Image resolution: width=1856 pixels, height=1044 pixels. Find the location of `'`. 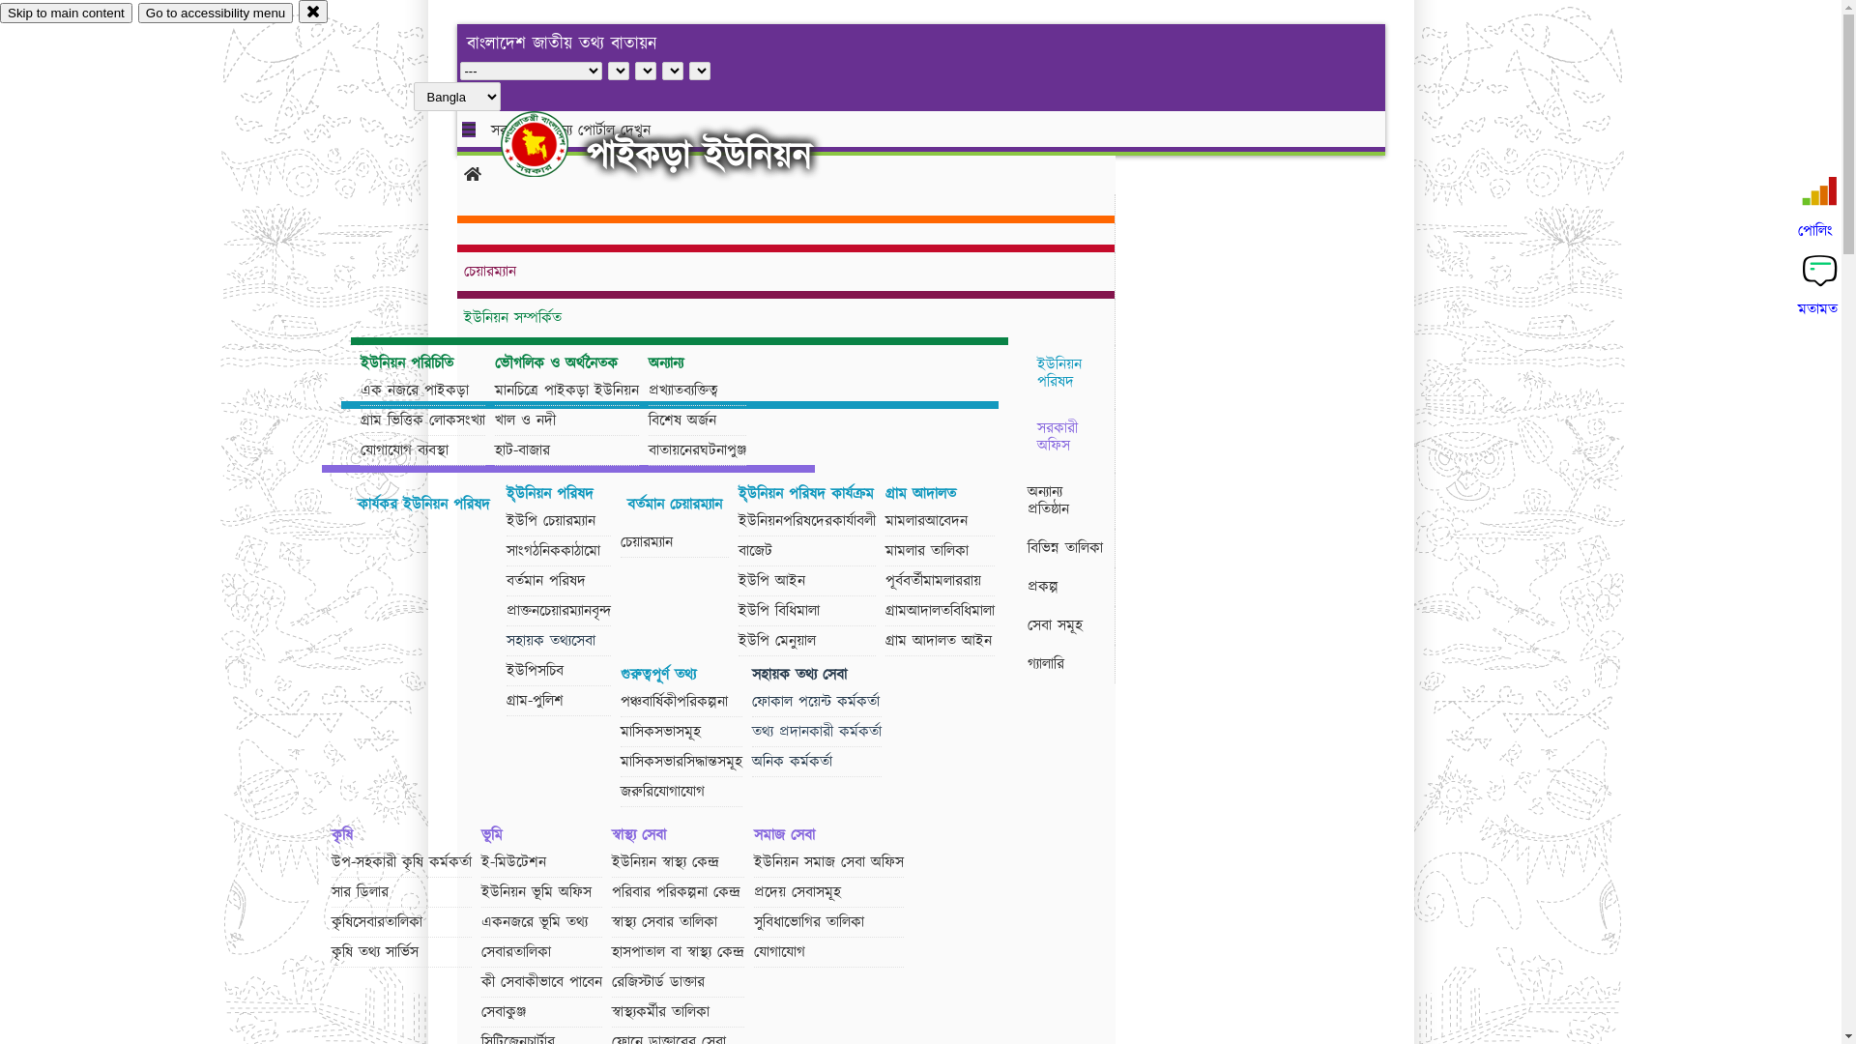

' is located at coordinates (550, 143).